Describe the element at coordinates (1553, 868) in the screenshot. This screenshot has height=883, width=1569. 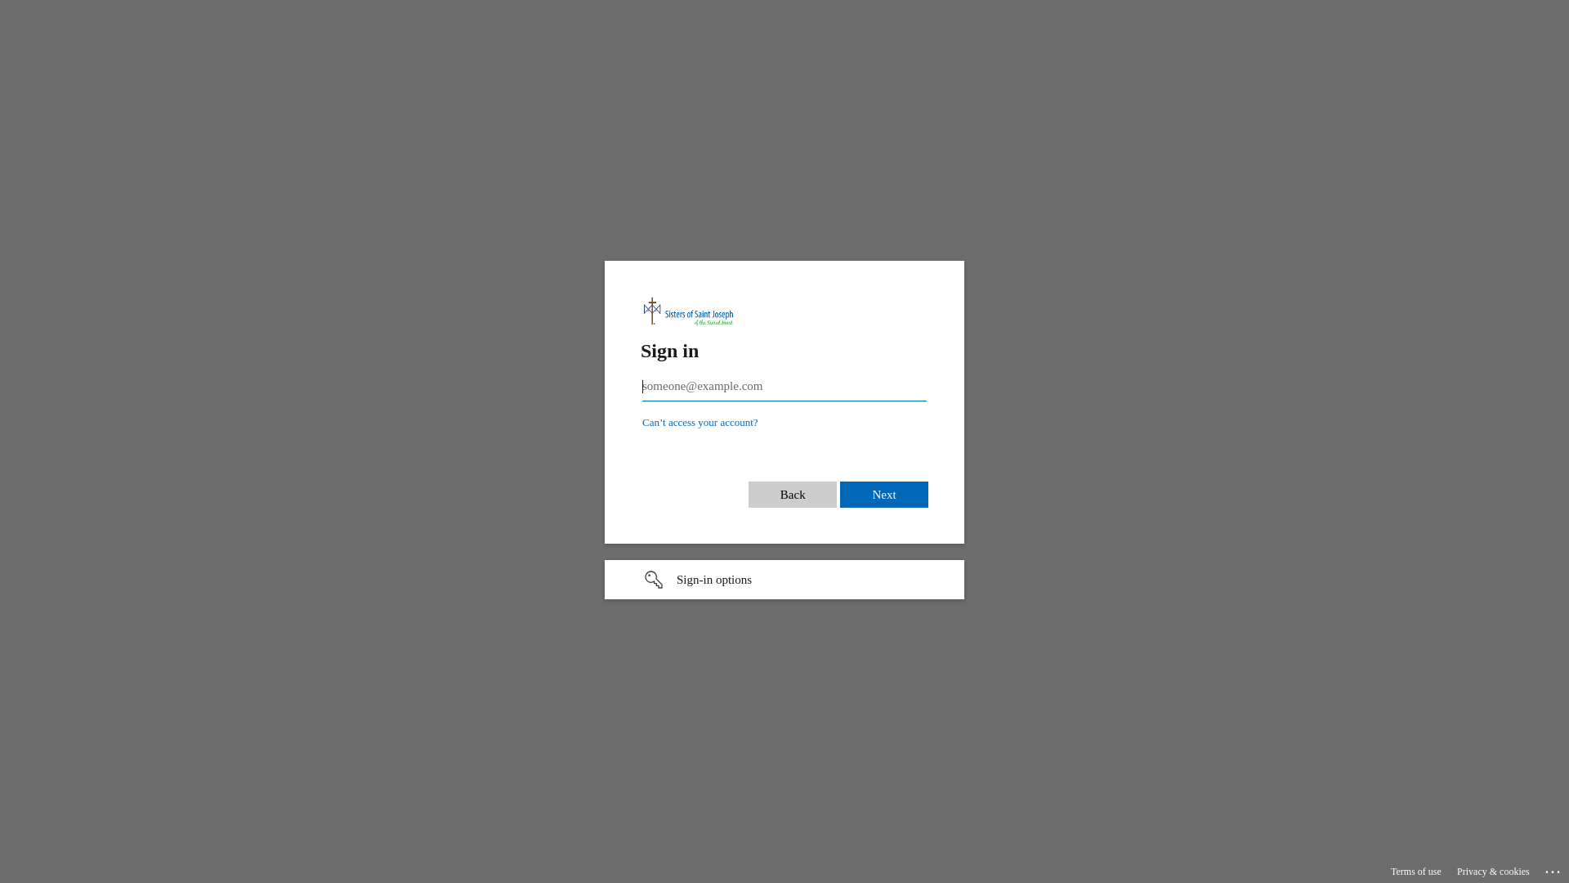
I see `'...'` at that location.